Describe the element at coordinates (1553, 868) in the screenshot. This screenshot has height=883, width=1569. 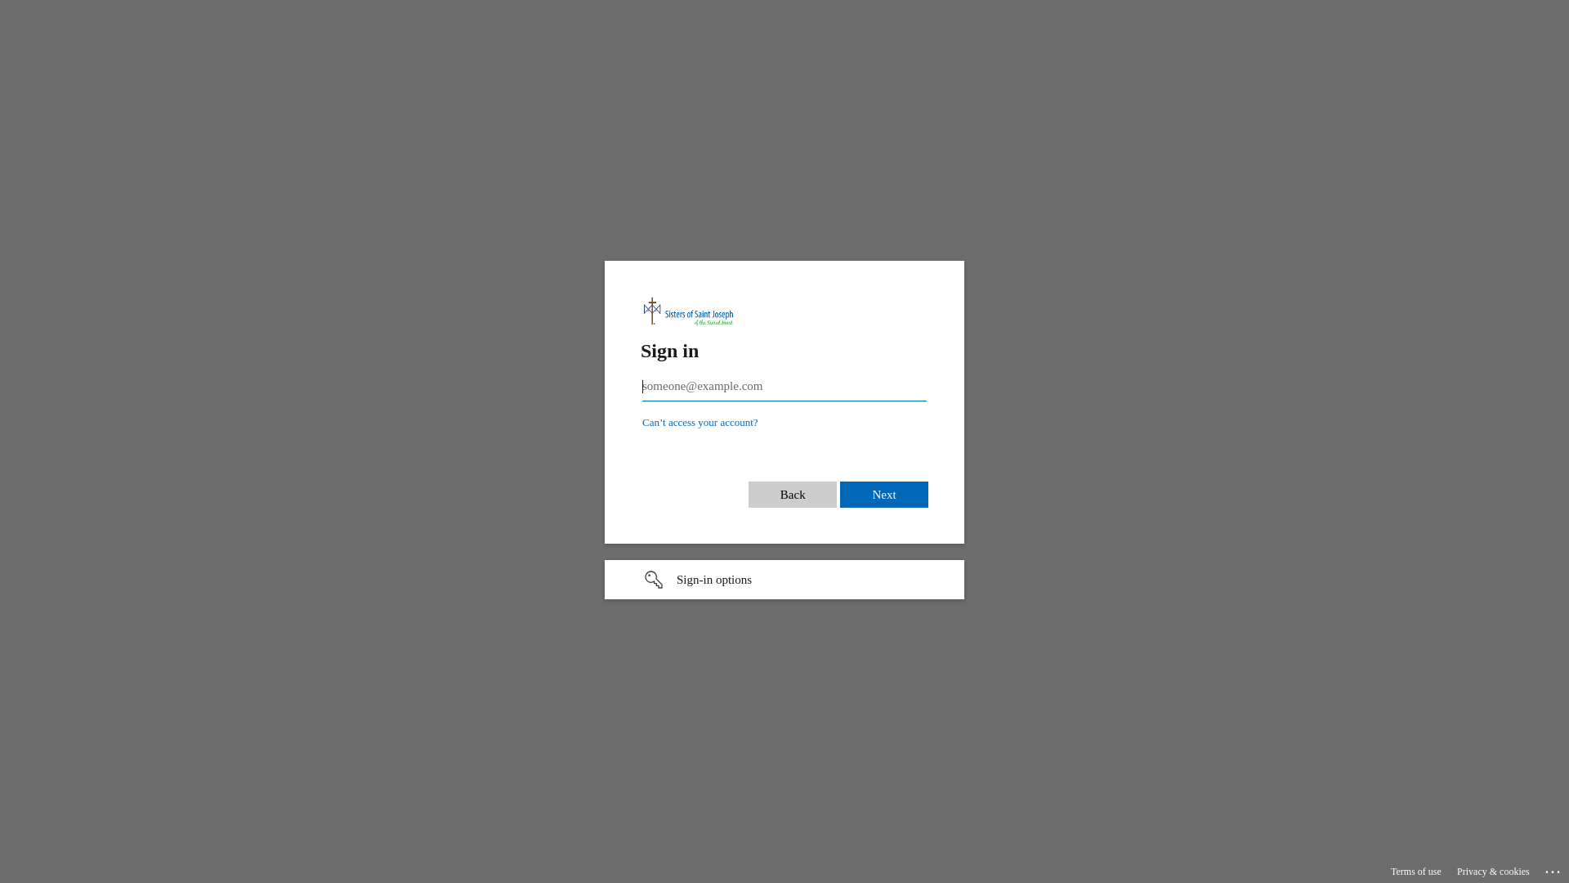
I see `'...'` at that location.